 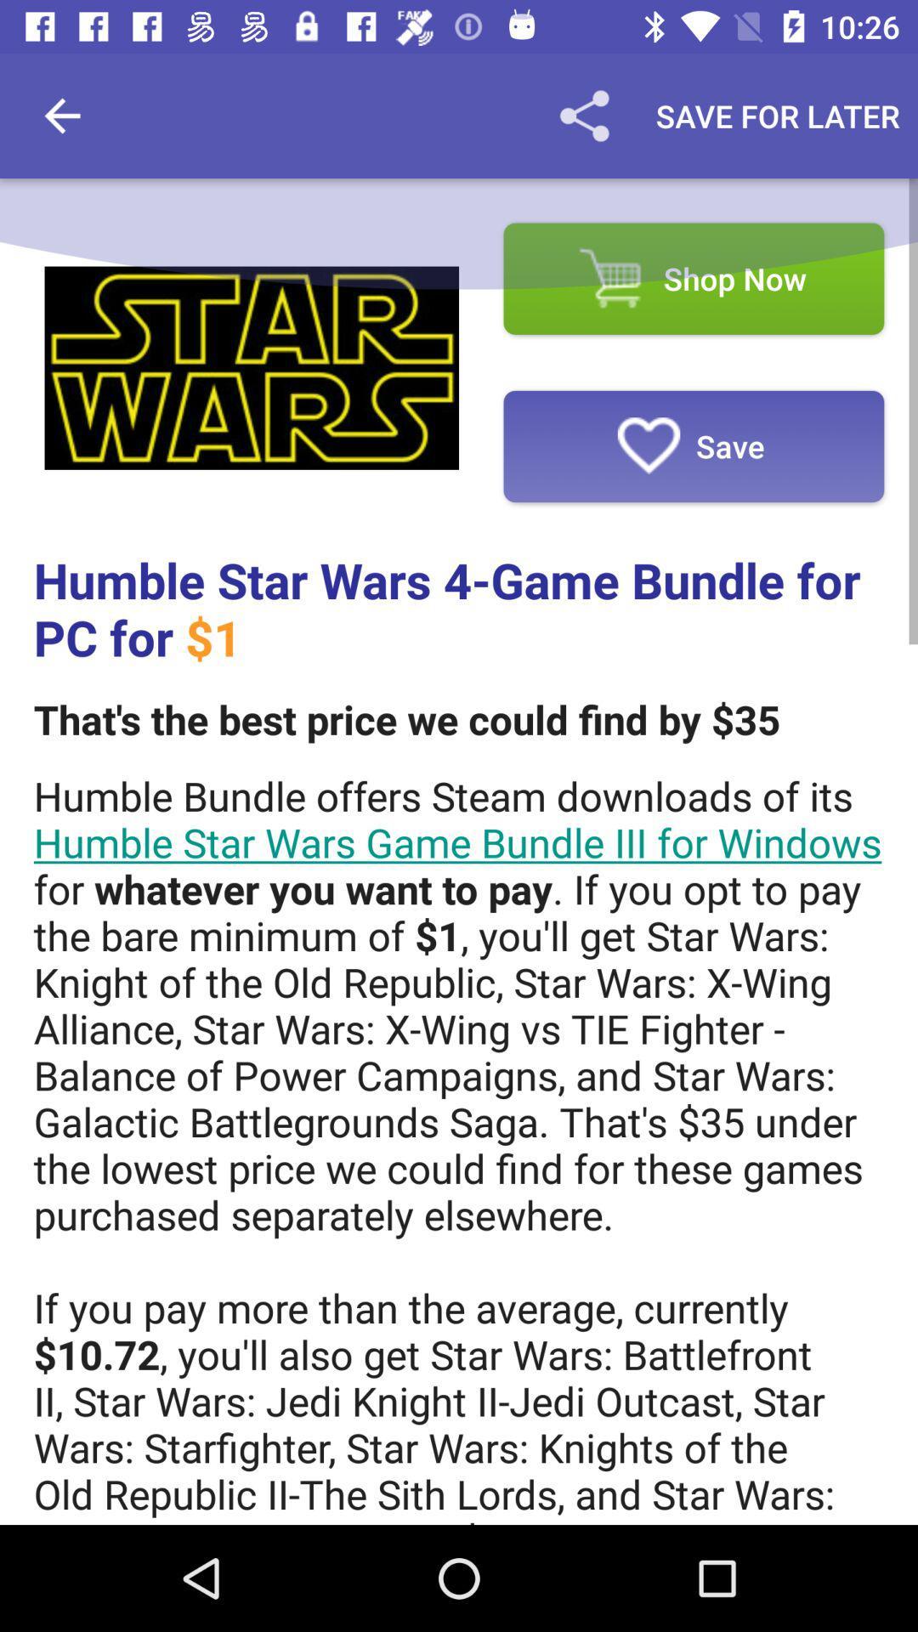 What do you see at coordinates (694, 279) in the screenshot?
I see `shop now item` at bounding box center [694, 279].